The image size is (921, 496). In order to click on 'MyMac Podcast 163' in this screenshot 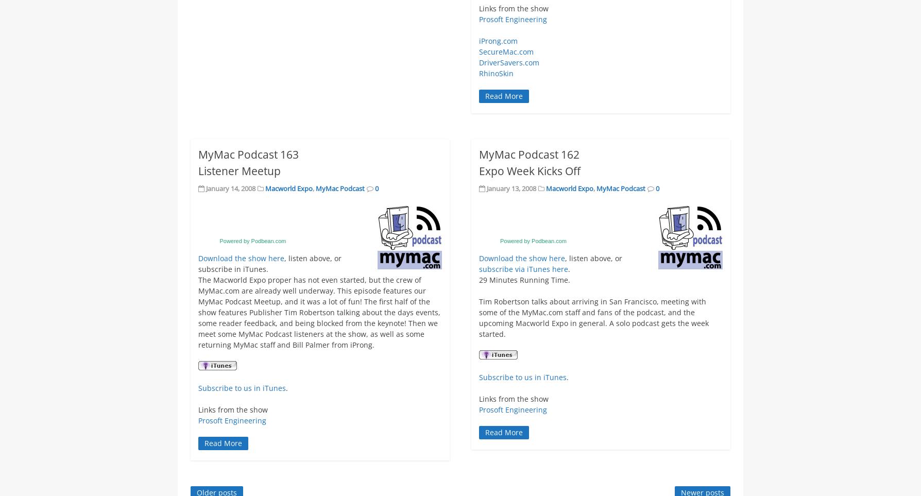, I will do `click(248, 153)`.